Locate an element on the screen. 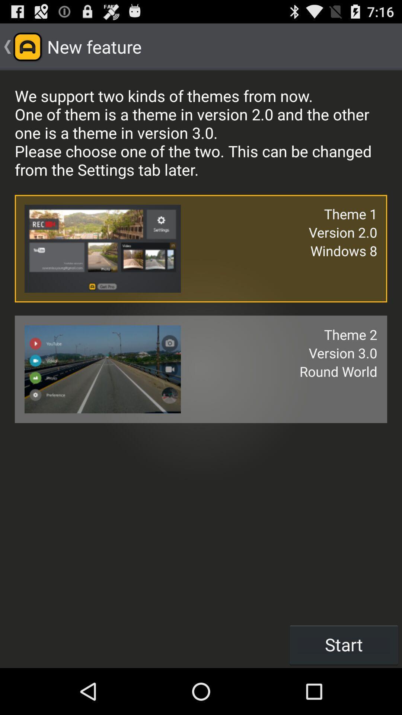 Image resolution: width=402 pixels, height=715 pixels. the icon below the round world item is located at coordinates (344, 644).